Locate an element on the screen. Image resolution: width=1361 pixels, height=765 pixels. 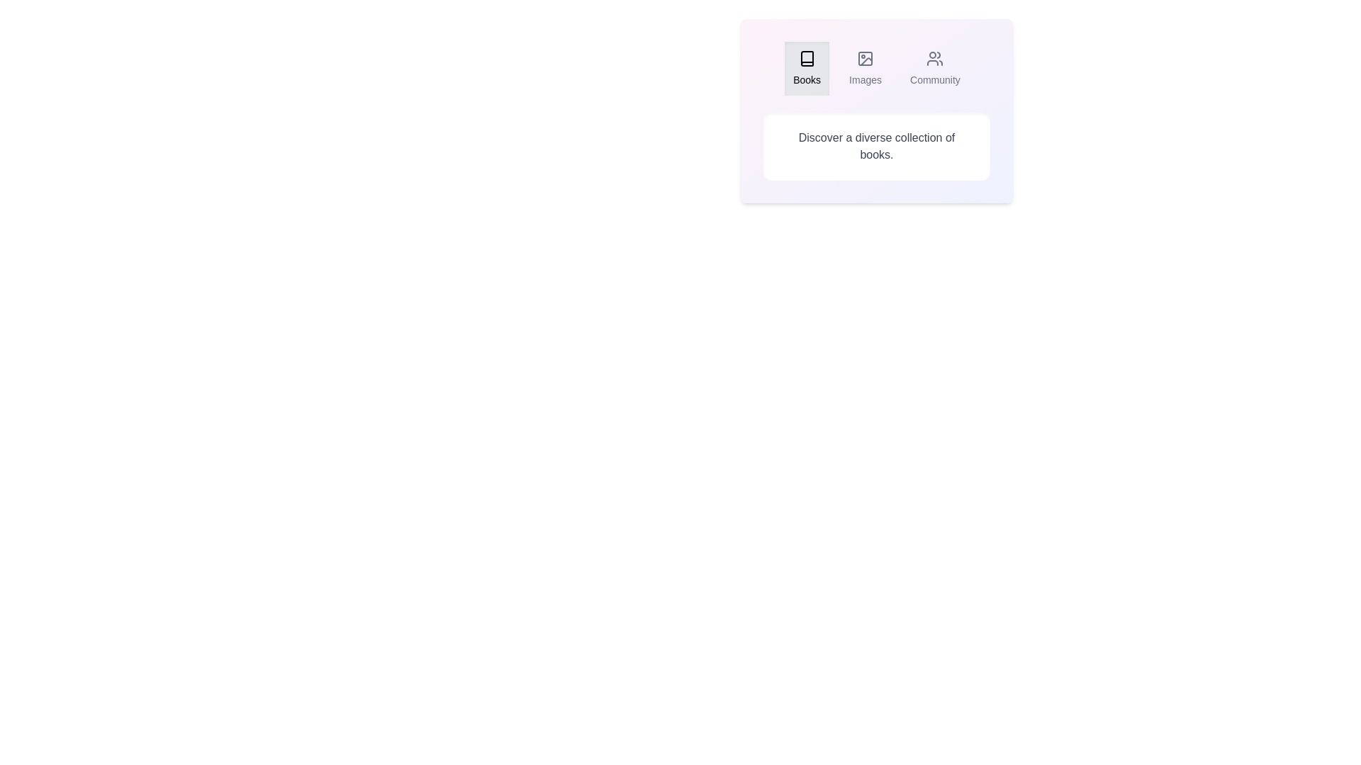
the Community tab by clicking on its button is located at coordinates (935, 68).